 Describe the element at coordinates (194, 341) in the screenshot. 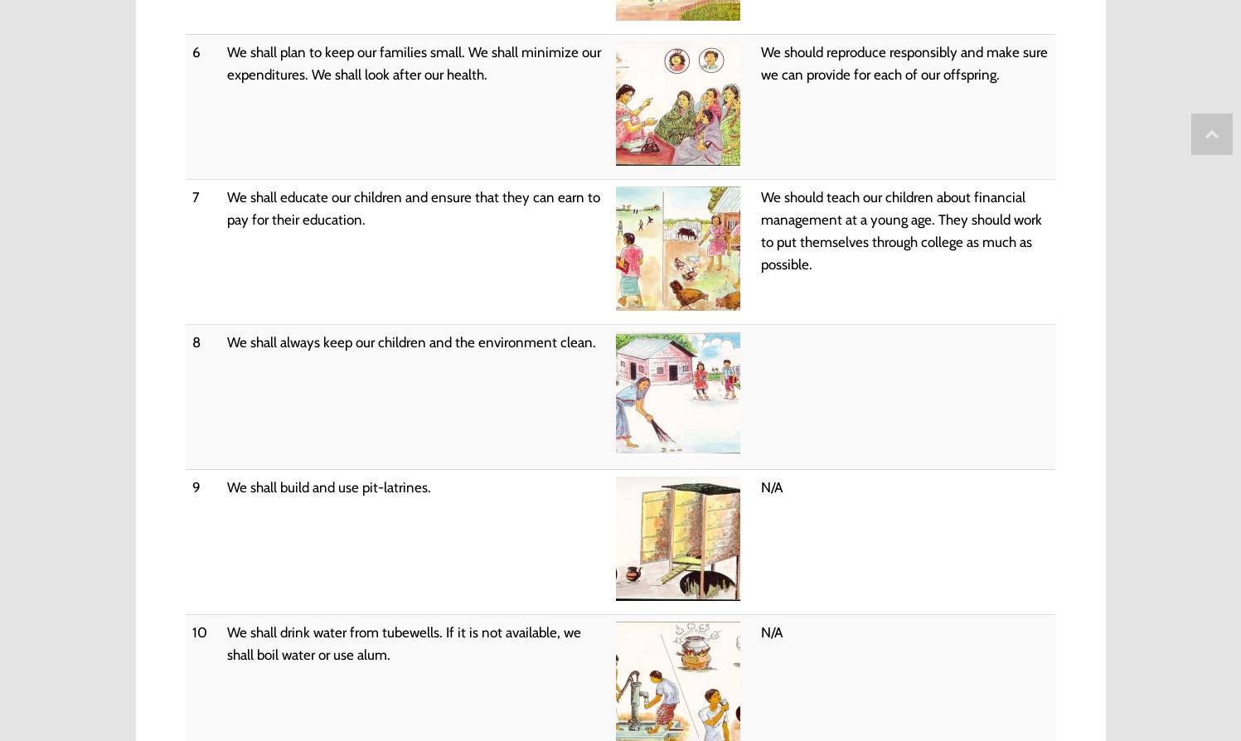

I see `'8'` at that location.